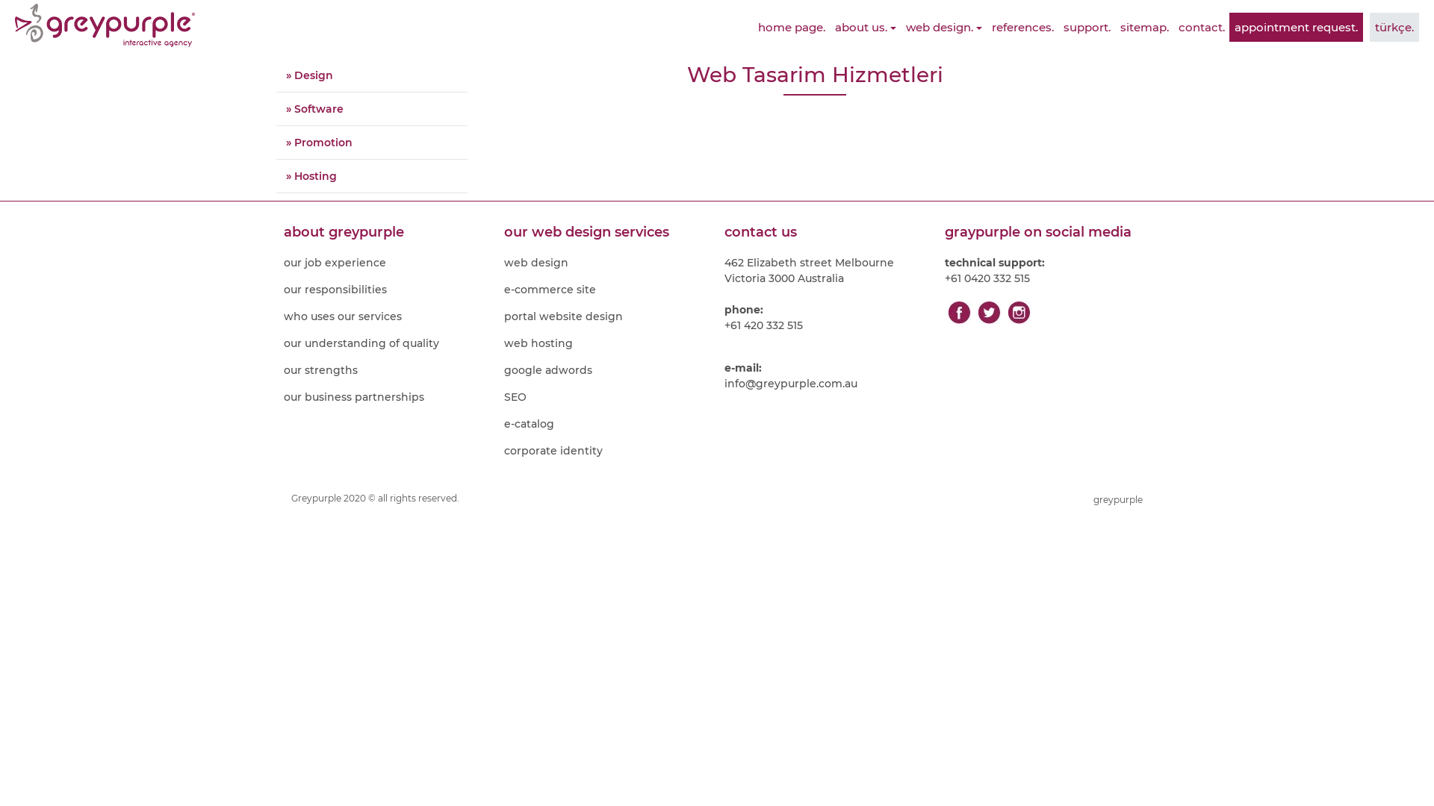 This screenshot has width=1434, height=806. Describe the element at coordinates (1118, 499) in the screenshot. I see `'greypurple'` at that location.